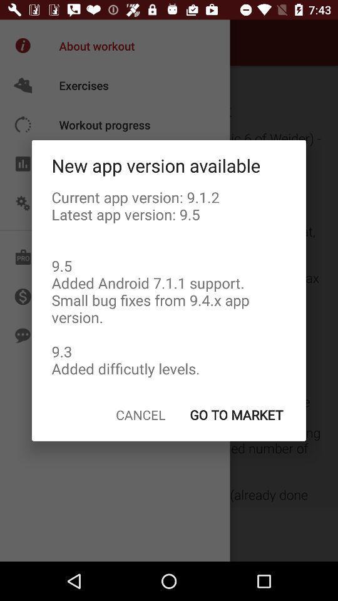 The width and height of the screenshot is (338, 601). Describe the element at coordinates (140, 414) in the screenshot. I see `cancel icon` at that location.